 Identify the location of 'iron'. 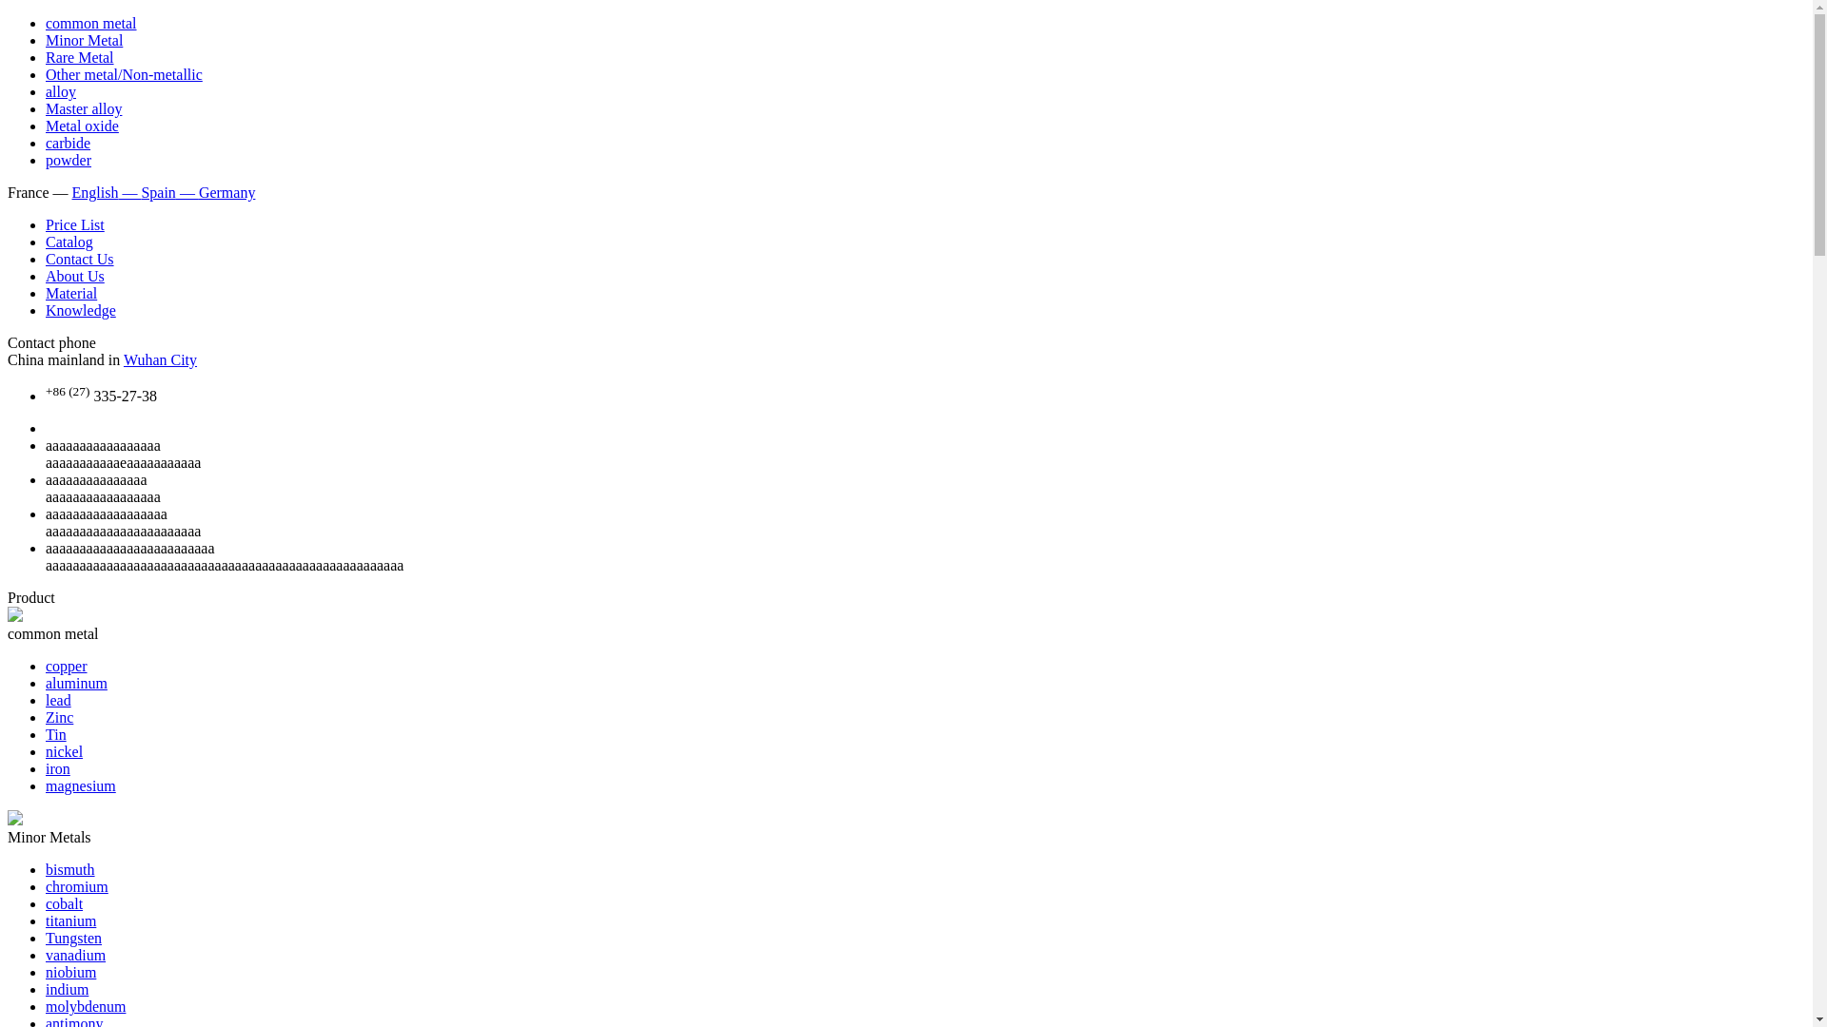
(58, 767).